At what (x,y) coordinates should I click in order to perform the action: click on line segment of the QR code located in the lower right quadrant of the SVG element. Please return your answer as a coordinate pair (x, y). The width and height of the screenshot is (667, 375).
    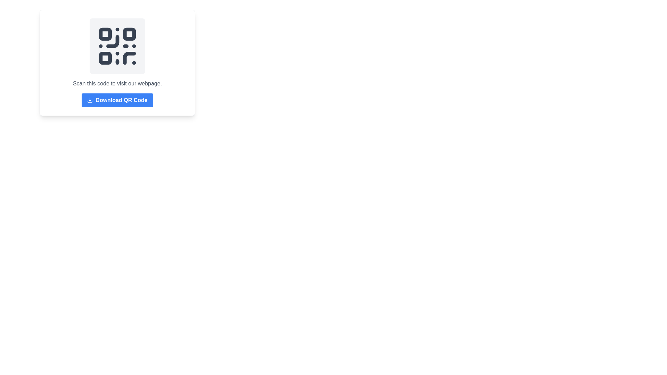
    Looking at the image, I should click on (129, 58).